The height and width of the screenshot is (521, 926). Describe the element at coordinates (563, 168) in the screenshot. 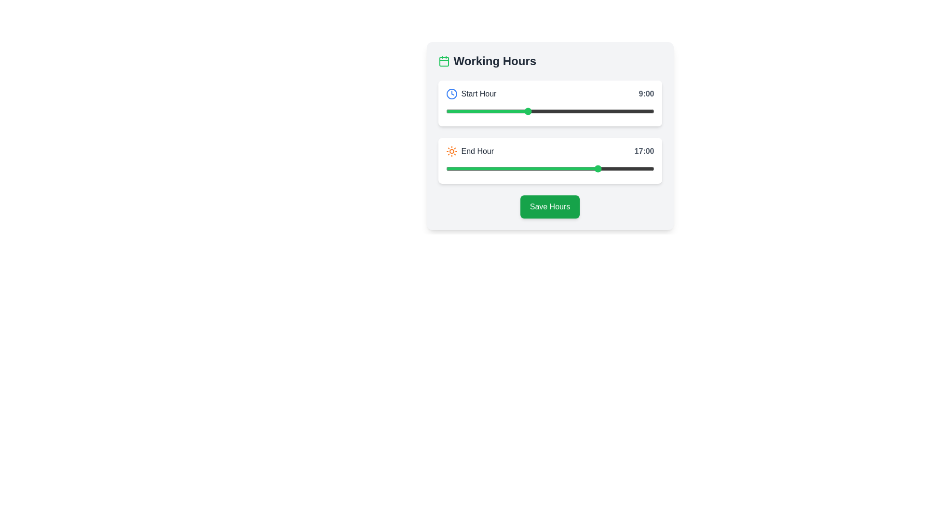

I see `the end hour` at that location.